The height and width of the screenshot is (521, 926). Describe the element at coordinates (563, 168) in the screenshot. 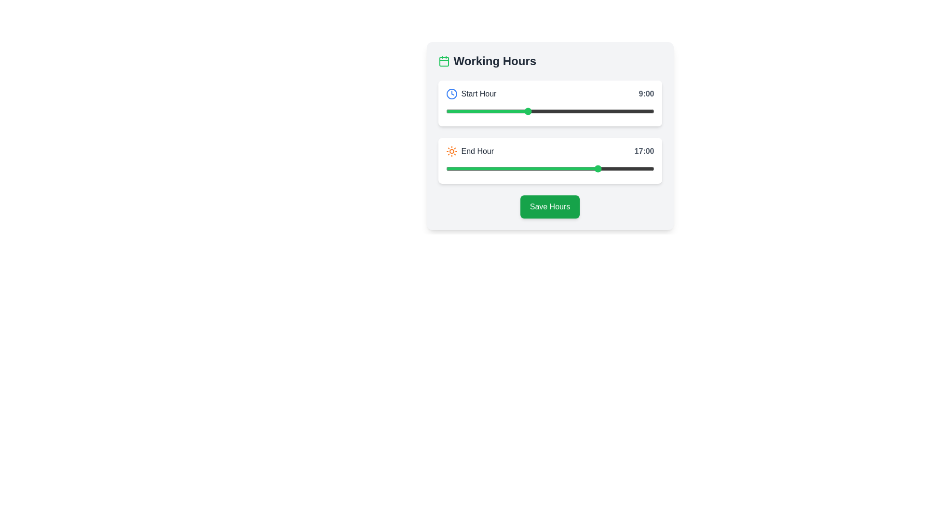

I see `the end hour` at that location.